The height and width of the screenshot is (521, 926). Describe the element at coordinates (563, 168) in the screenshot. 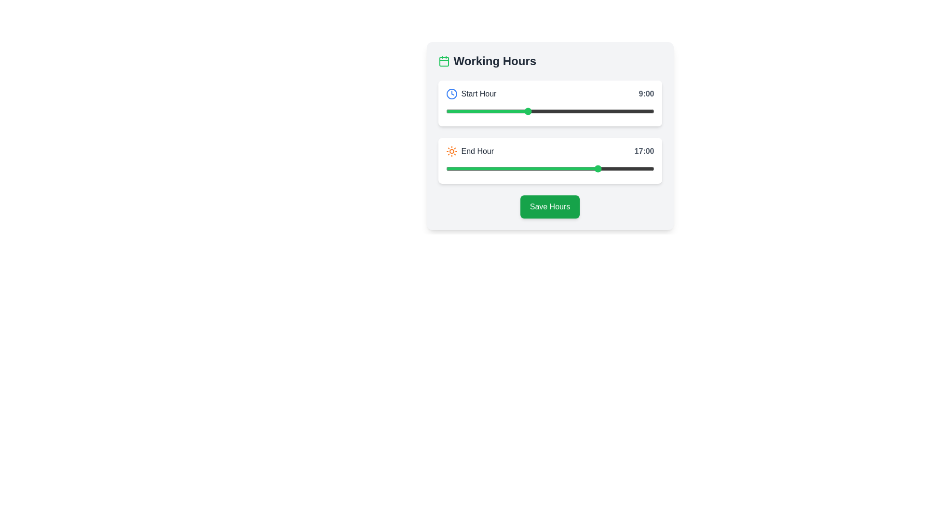

I see `the end hour` at that location.